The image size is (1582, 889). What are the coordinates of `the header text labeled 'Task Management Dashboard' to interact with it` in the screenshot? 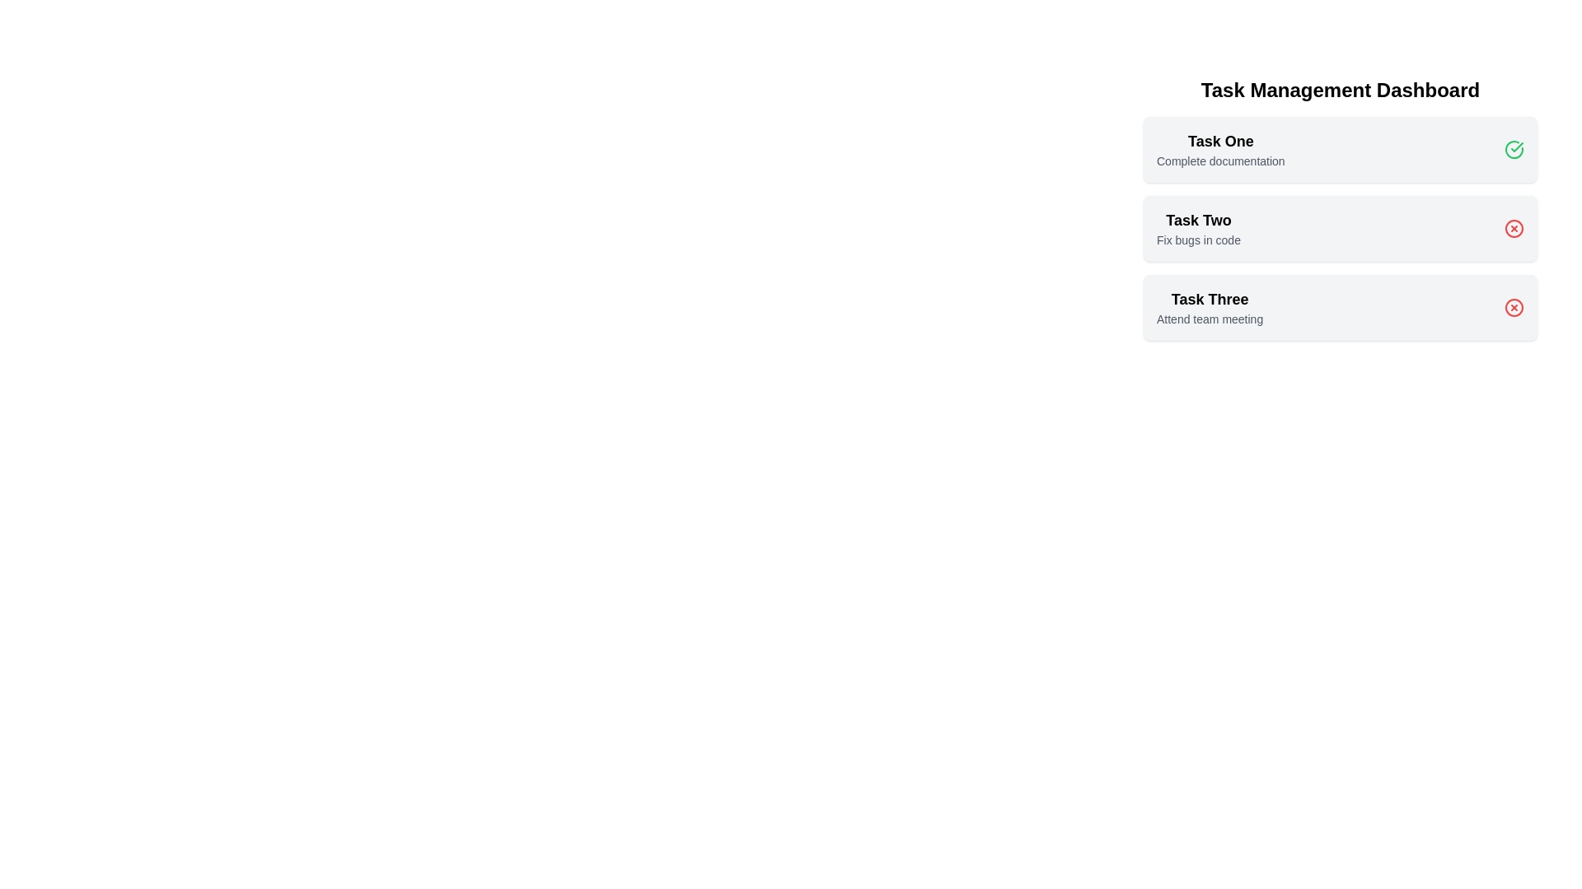 It's located at (1341, 91).